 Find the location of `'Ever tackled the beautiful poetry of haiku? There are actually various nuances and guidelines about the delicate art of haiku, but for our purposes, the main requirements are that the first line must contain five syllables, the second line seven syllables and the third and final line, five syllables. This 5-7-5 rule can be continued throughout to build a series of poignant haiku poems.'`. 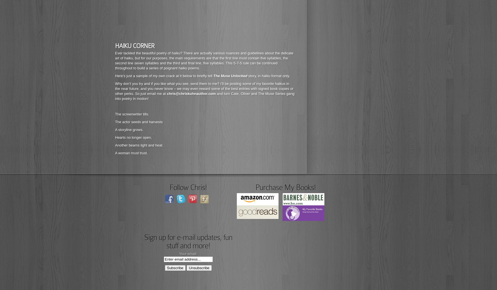

'Ever tackled the beautiful poetry of haiku? There are actually various nuances and guidelines about the delicate art of haiku, but for our purposes, the main requirements are that the first line must contain five syllables, the second line seven syllables and the third and final line, five syllables. This 5-7-5 rule can be continued throughout to build a series of poignant haiku poems.' is located at coordinates (204, 60).